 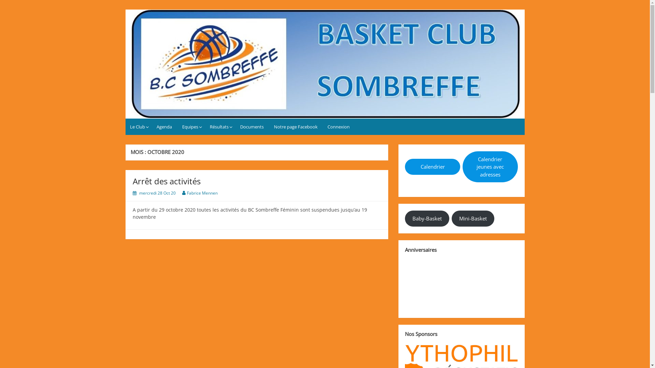 What do you see at coordinates (252, 126) in the screenshot?
I see `'Documents'` at bounding box center [252, 126].